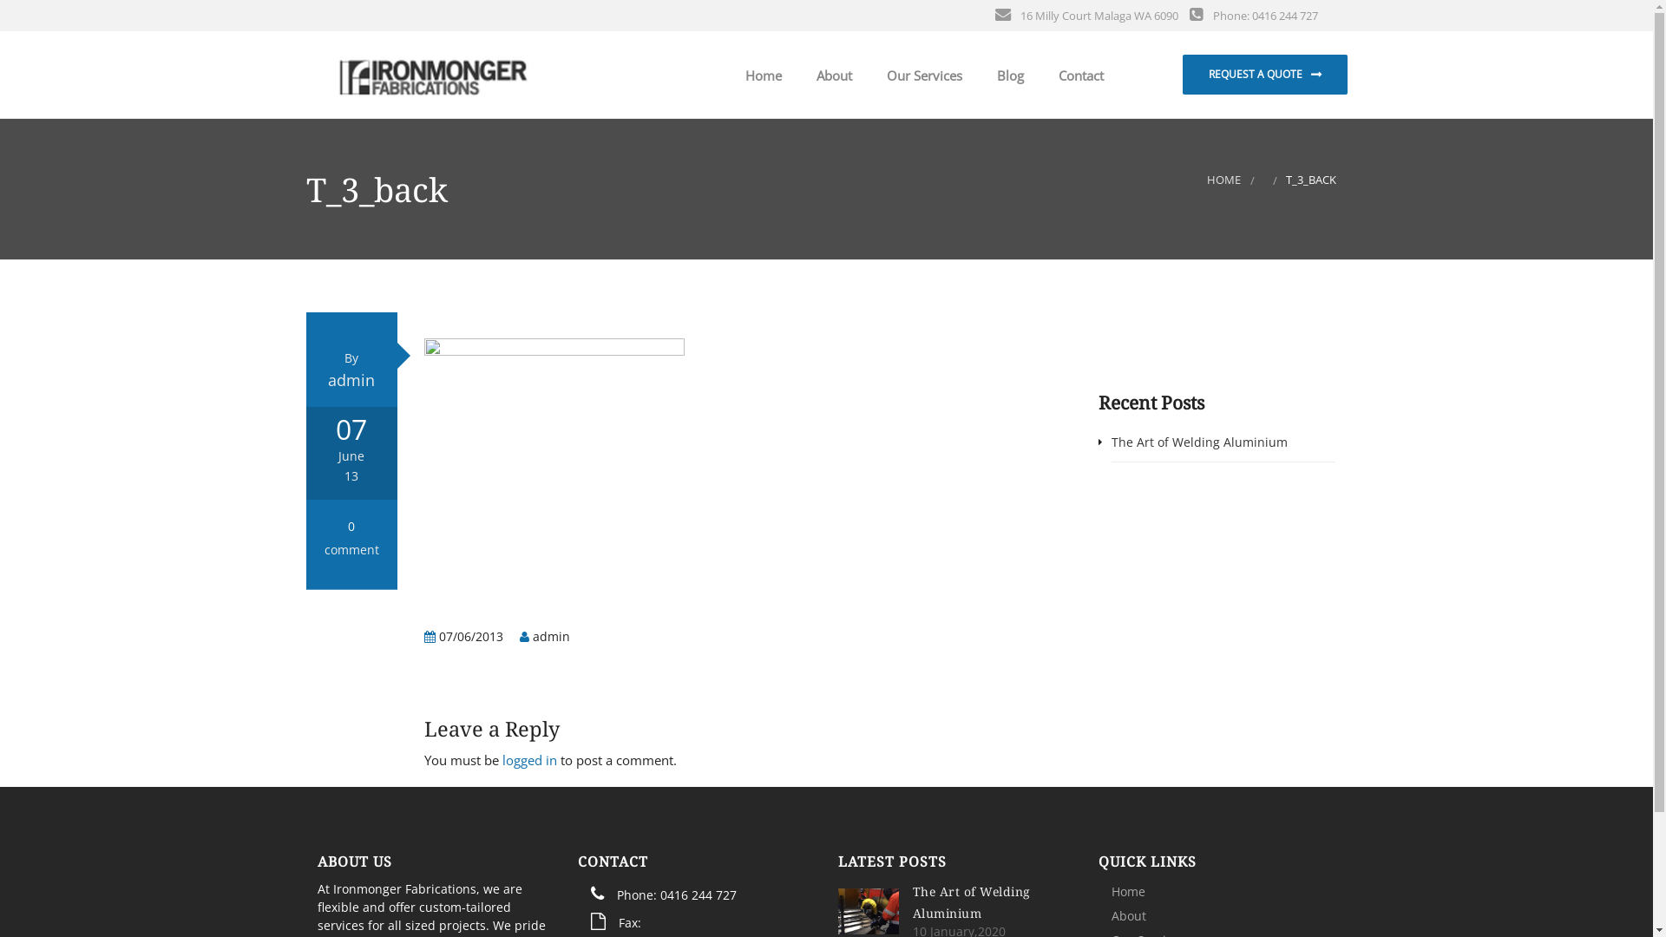 This screenshot has height=937, width=1666. What do you see at coordinates (1264, 73) in the screenshot?
I see `'REQUEST A QUOTE'` at bounding box center [1264, 73].